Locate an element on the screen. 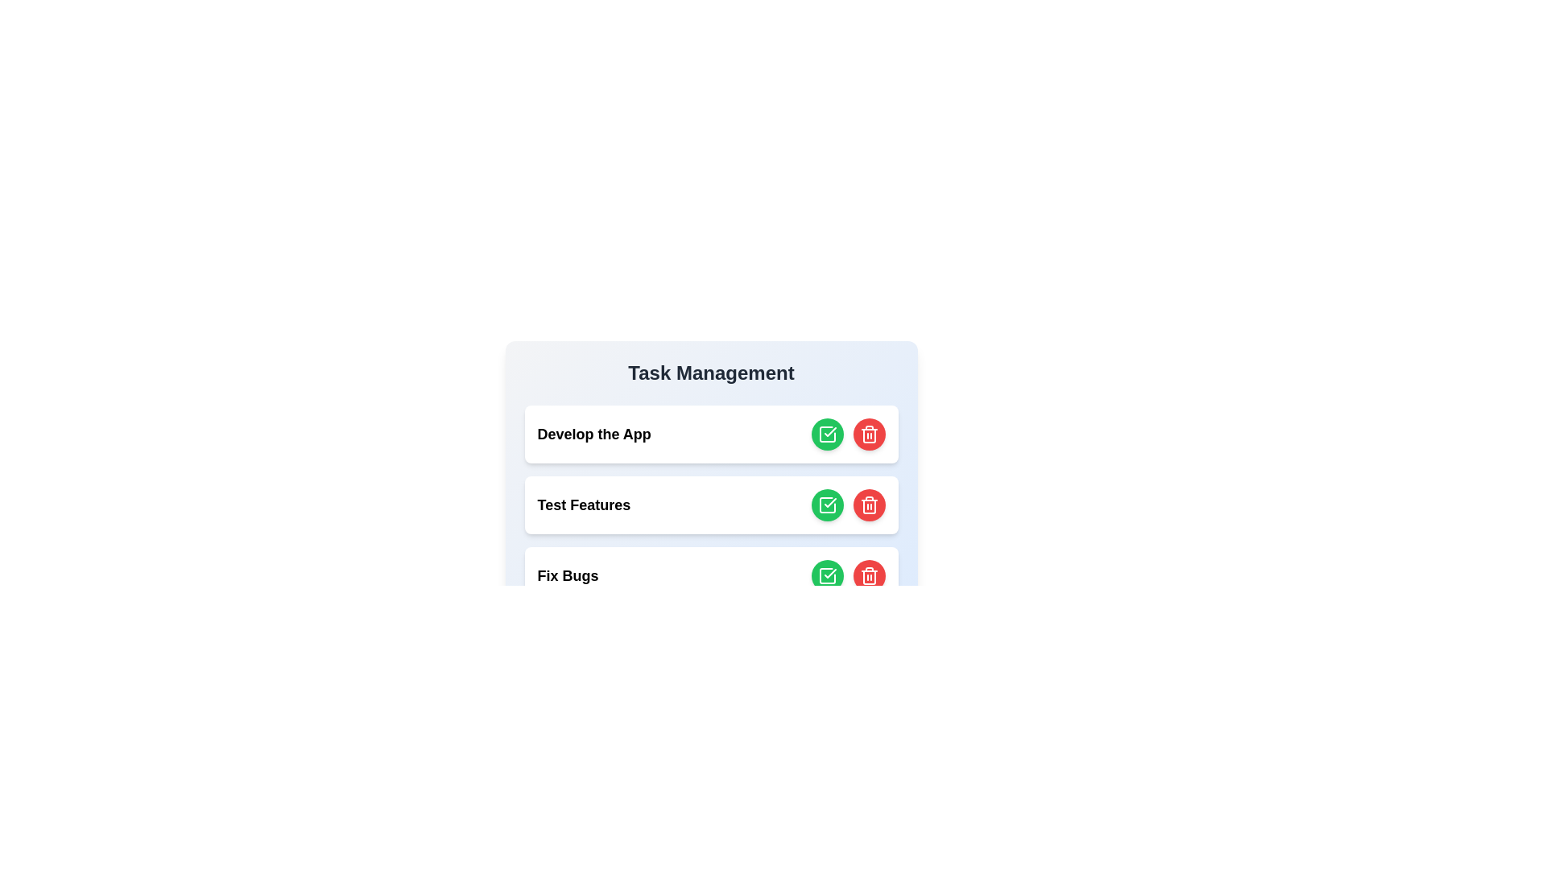  delete button for the task named Develop the App is located at coordinates (868, 434).